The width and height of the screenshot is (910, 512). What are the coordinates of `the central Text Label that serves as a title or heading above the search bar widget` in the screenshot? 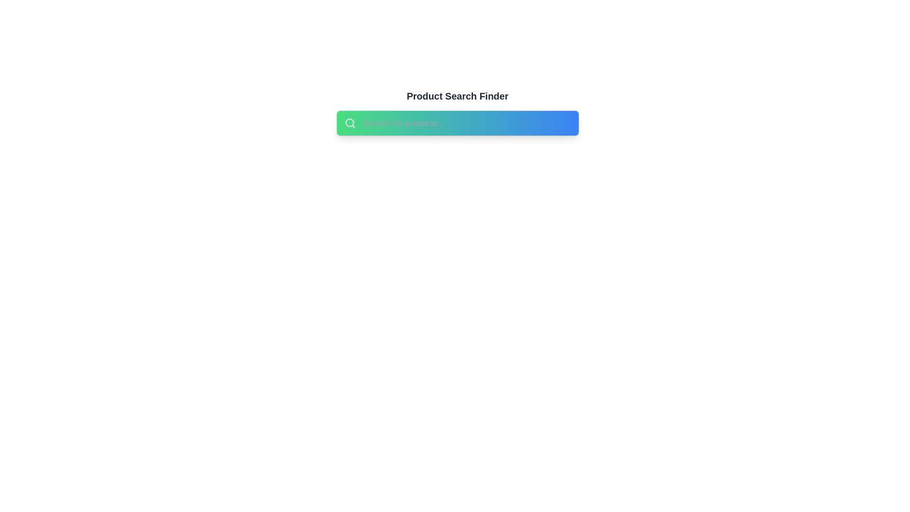 It's located at (457, 96).